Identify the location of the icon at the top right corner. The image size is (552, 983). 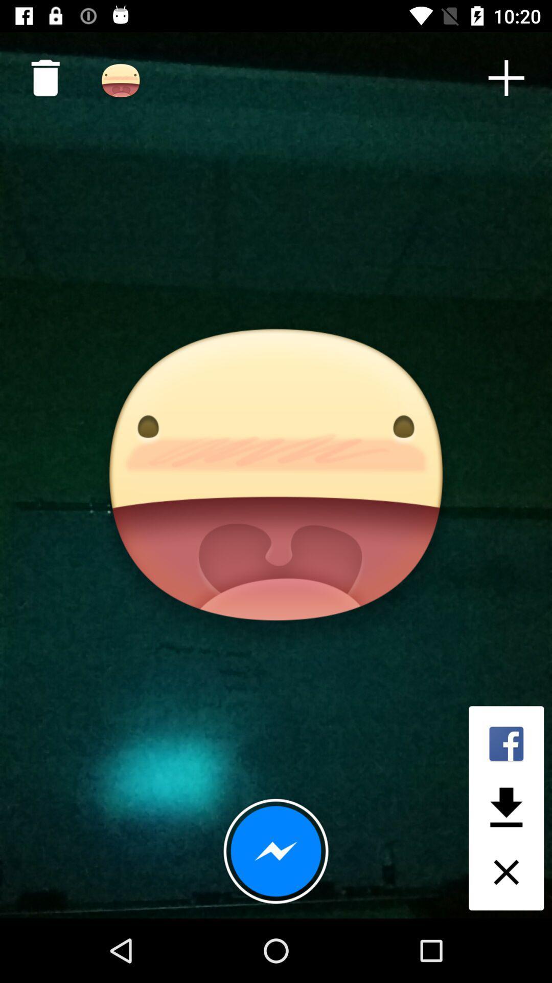
(506, 77).